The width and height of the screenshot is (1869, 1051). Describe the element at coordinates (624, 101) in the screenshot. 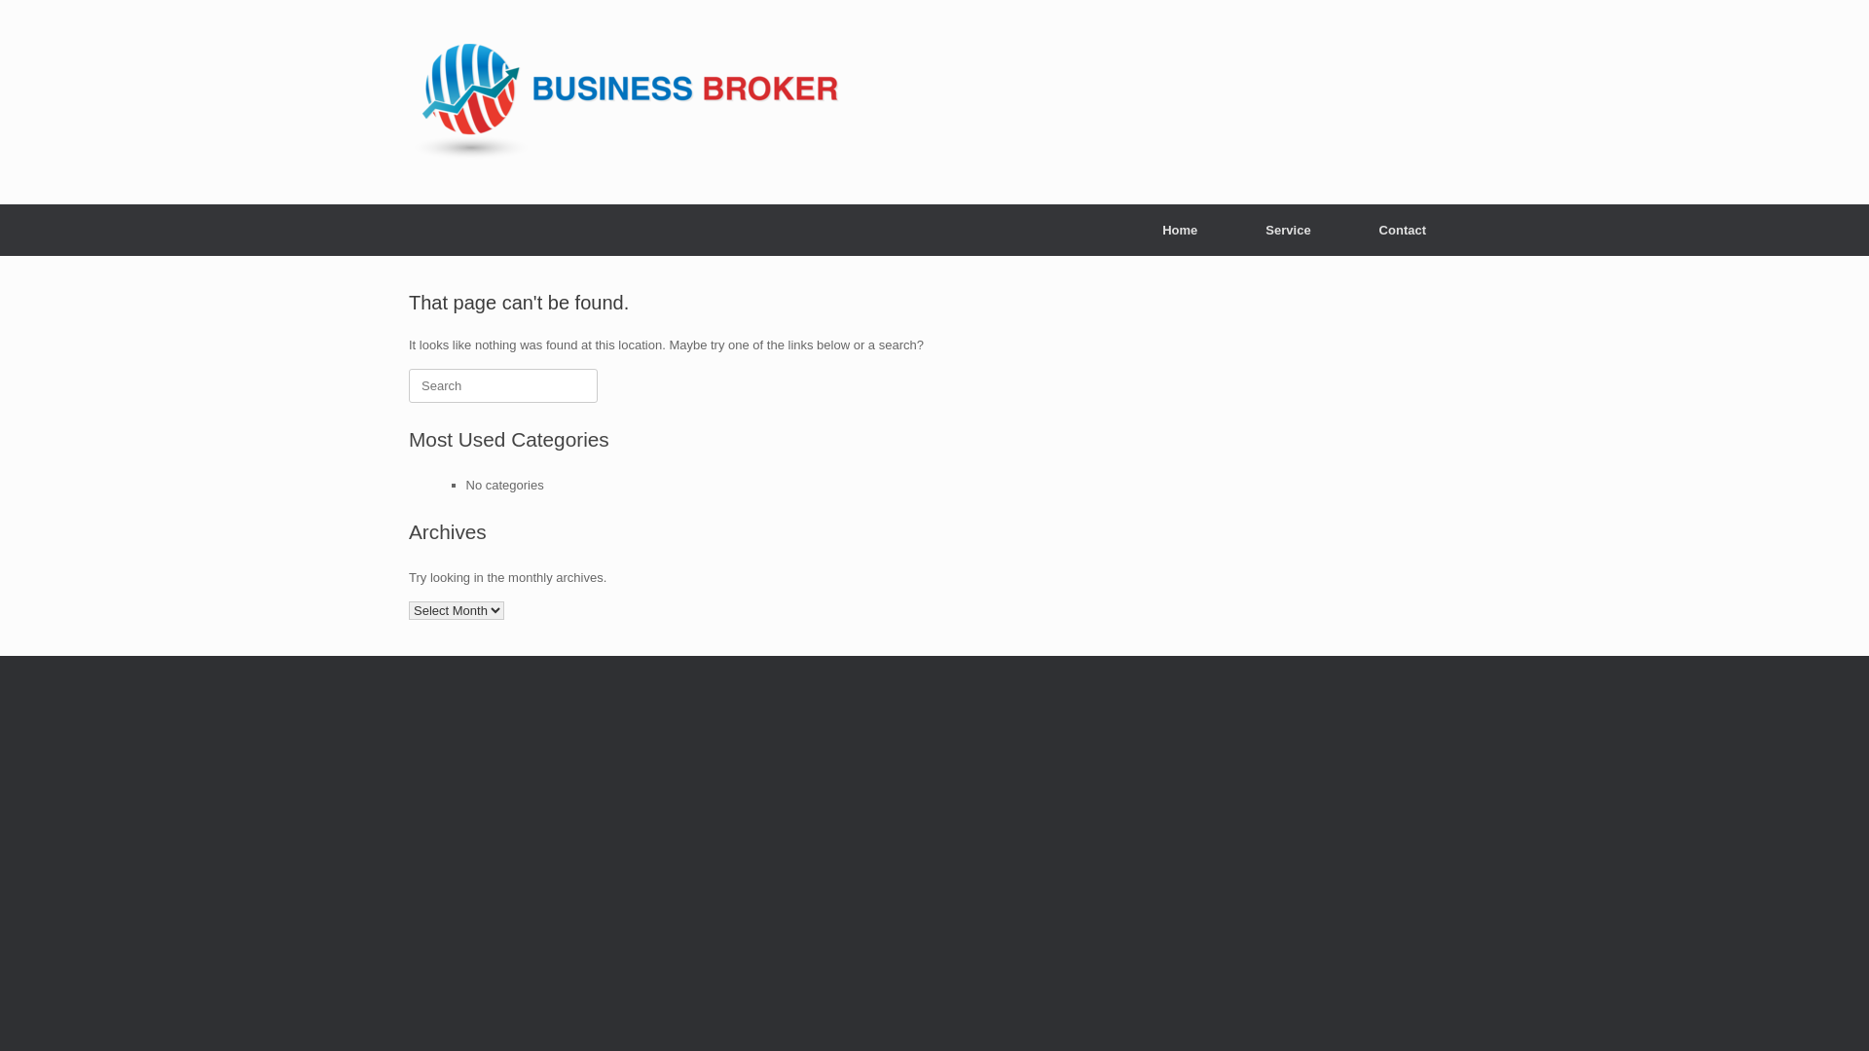

I see `'Business Broker'` at that location.